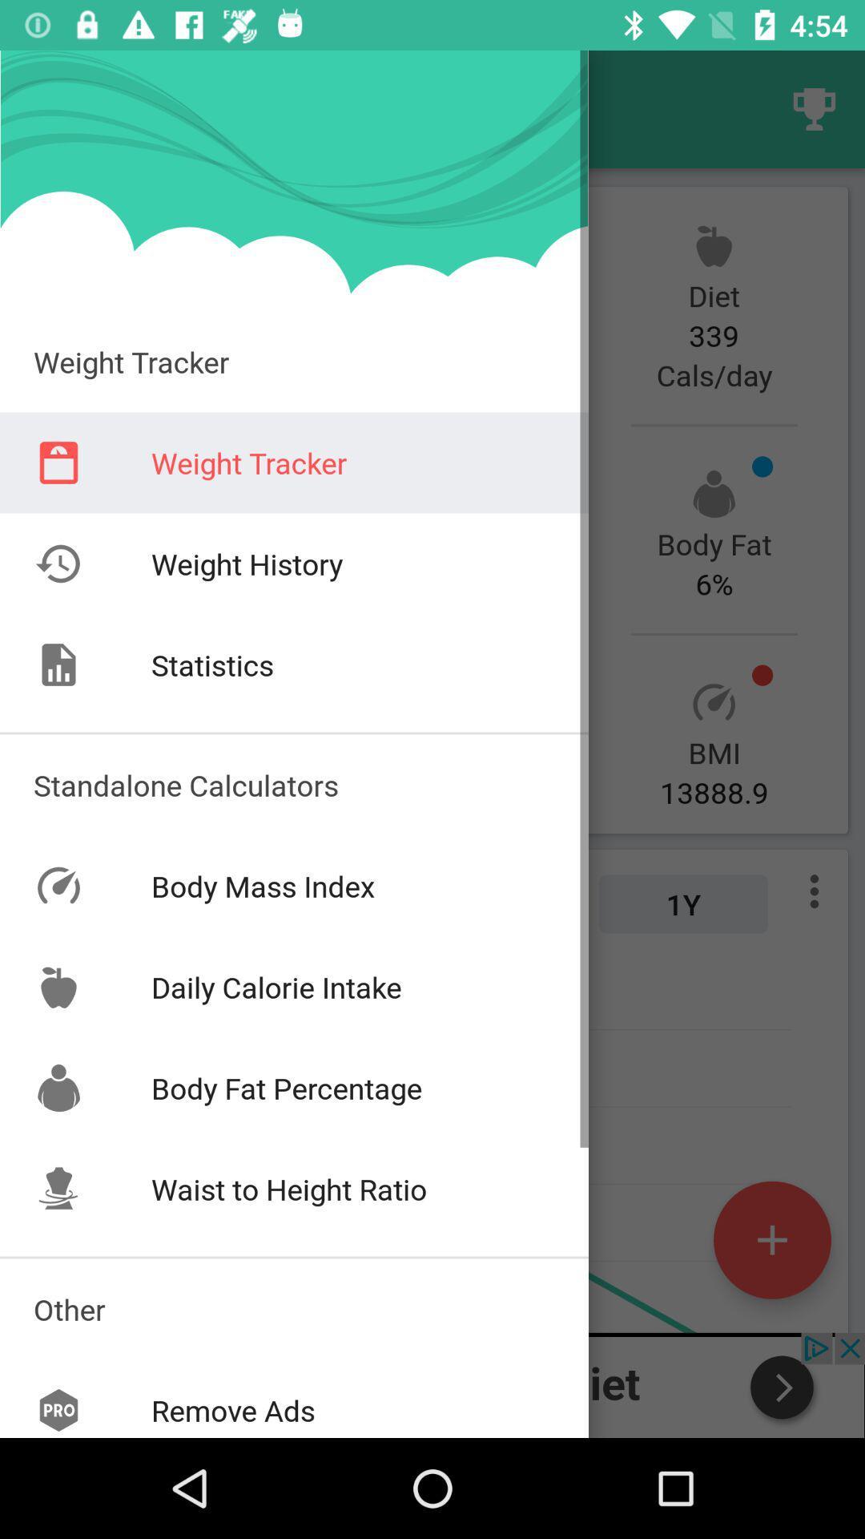 Image resolution: width=865 pixels, height=1539 pixels. What do you see at coordinates (771, 1239) in the screenshot?
I see `the add icon` at bounding box center [771, 1239].